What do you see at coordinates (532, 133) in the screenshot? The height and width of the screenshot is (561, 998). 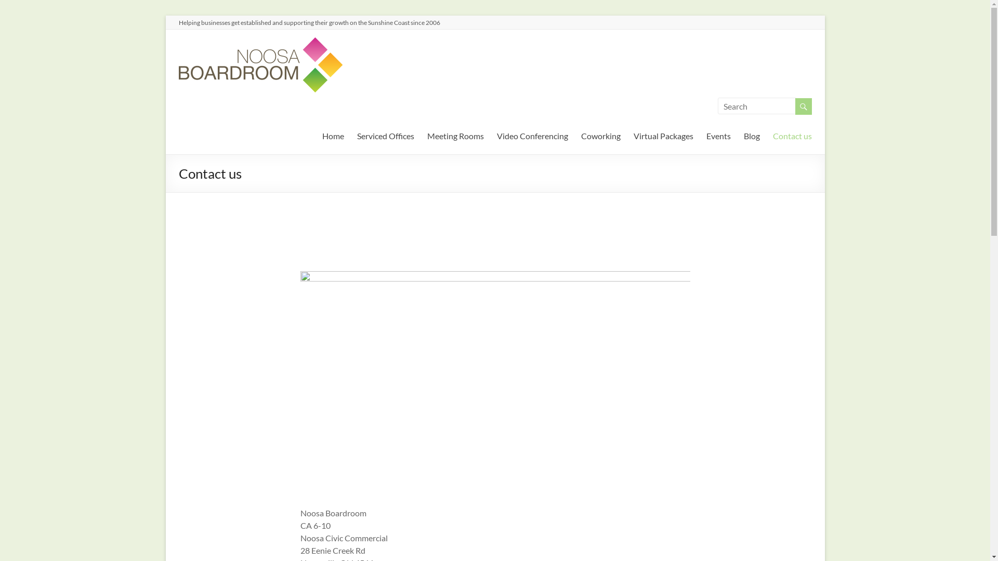 I see `'Video Conferencing'` at bounding box center [532, 133].